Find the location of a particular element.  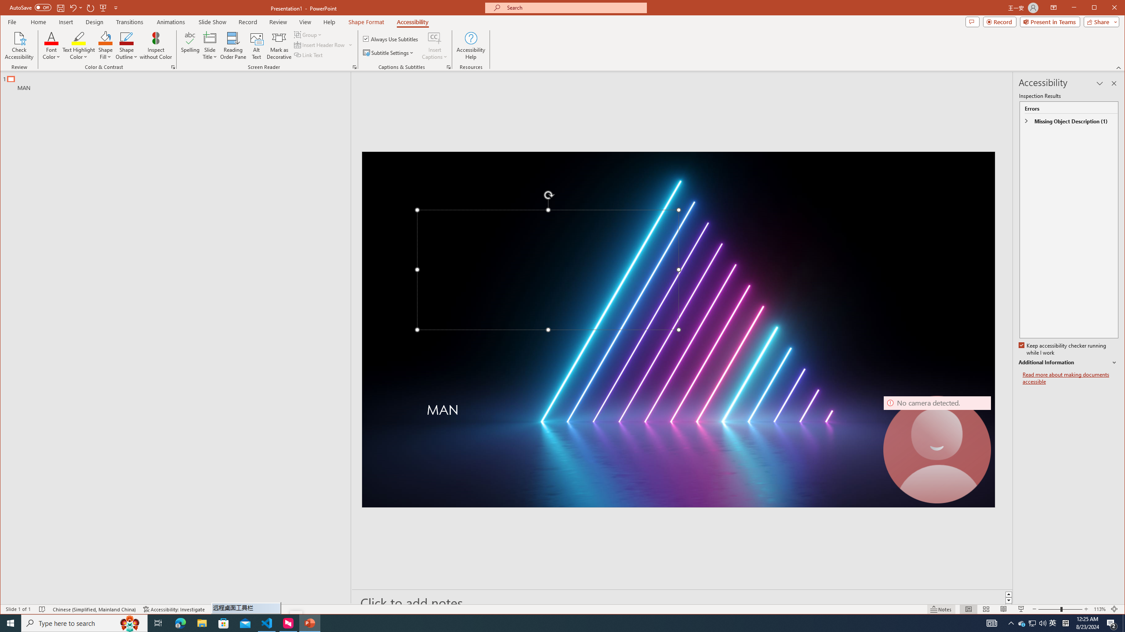

'Screen Reader' is located at coordinates (354, 67).